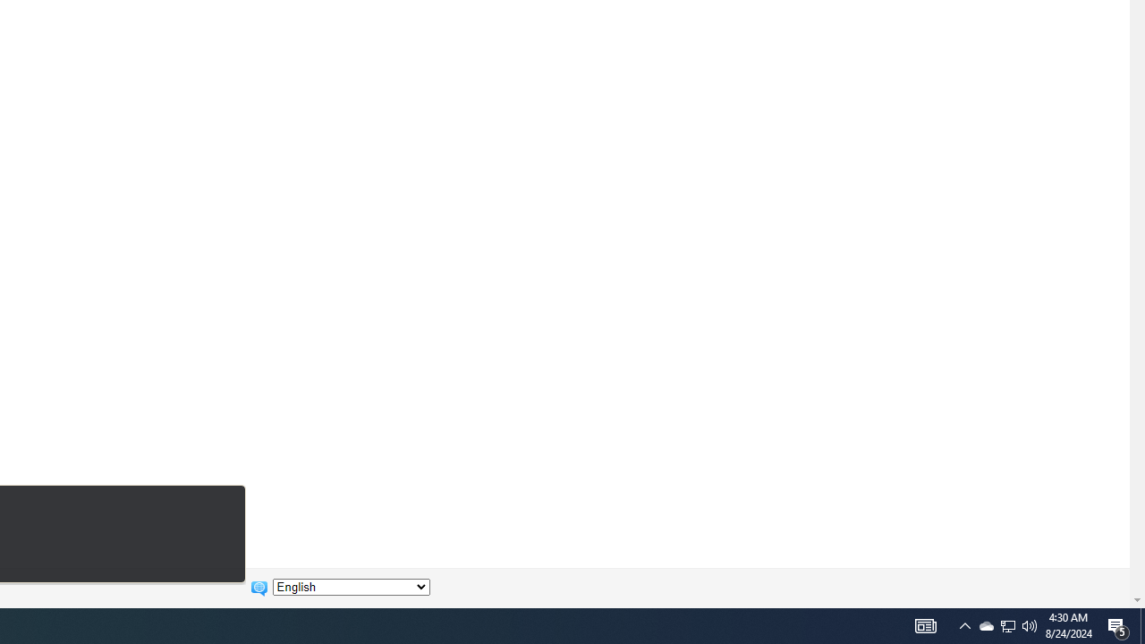  What do you see at coordinates (351, 587) in the screenshot?
I see `'Change language:'` at bounding box center [351, 587].